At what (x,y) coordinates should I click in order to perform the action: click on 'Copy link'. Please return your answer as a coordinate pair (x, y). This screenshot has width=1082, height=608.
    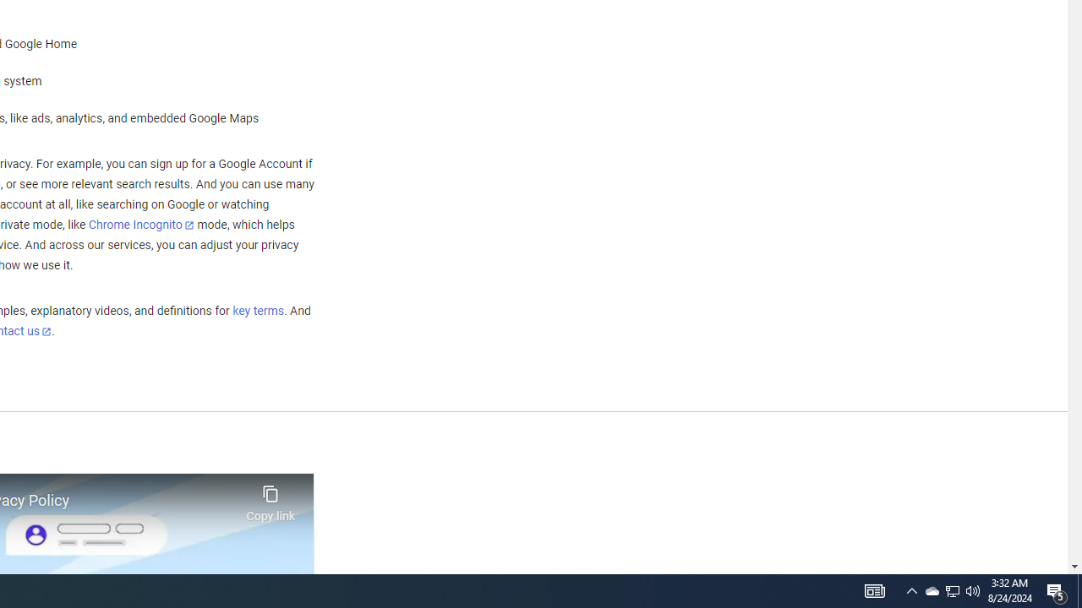
    Looking at the image, I should click on (270, 498).